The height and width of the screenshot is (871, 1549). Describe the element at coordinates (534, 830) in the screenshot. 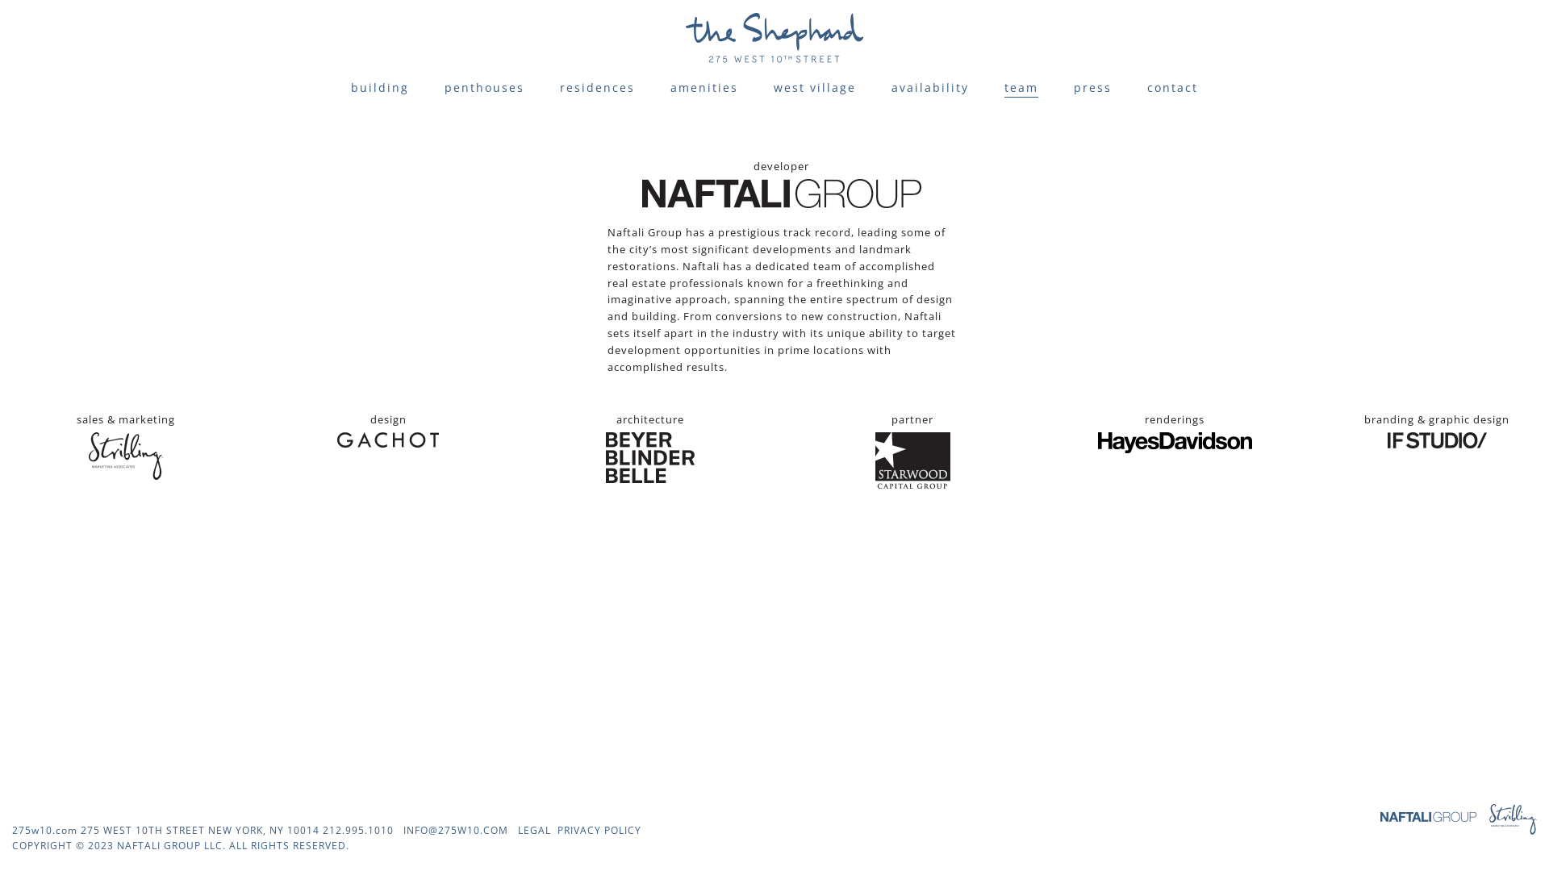

I see `'LEGAL'` at that location.